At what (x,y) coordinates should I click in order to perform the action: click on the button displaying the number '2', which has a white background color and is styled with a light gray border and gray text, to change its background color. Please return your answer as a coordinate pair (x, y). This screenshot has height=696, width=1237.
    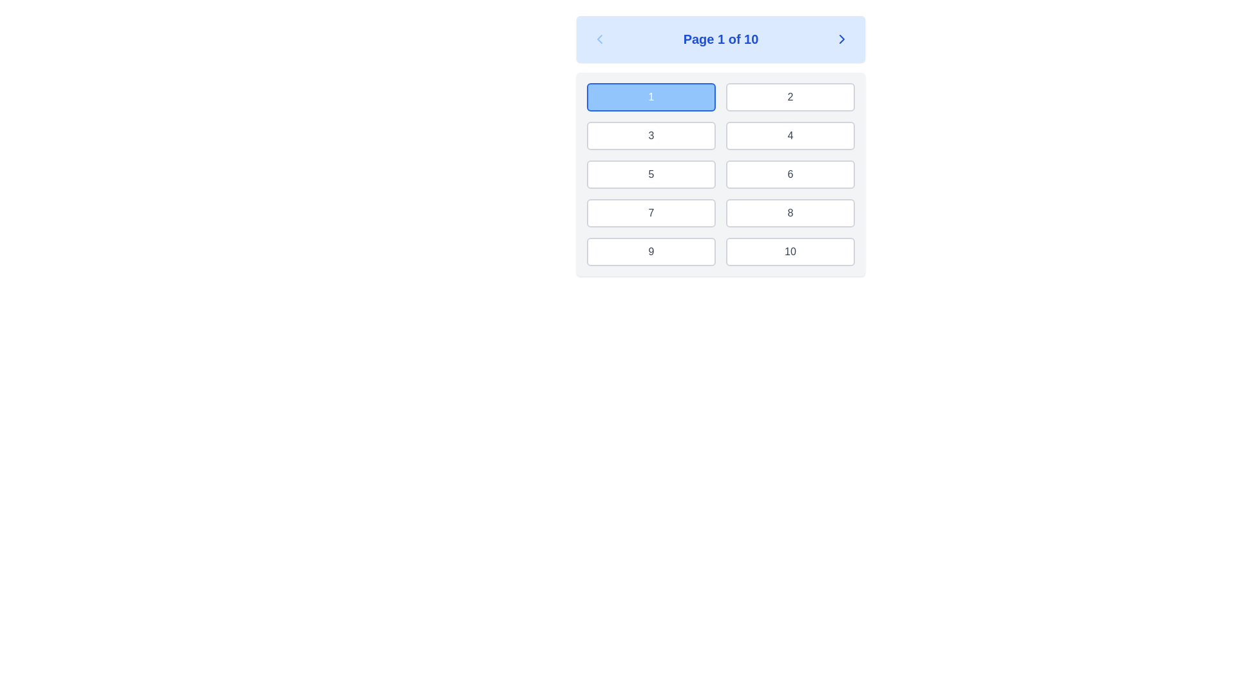
    Looking at the image, I should click on (790, 96).